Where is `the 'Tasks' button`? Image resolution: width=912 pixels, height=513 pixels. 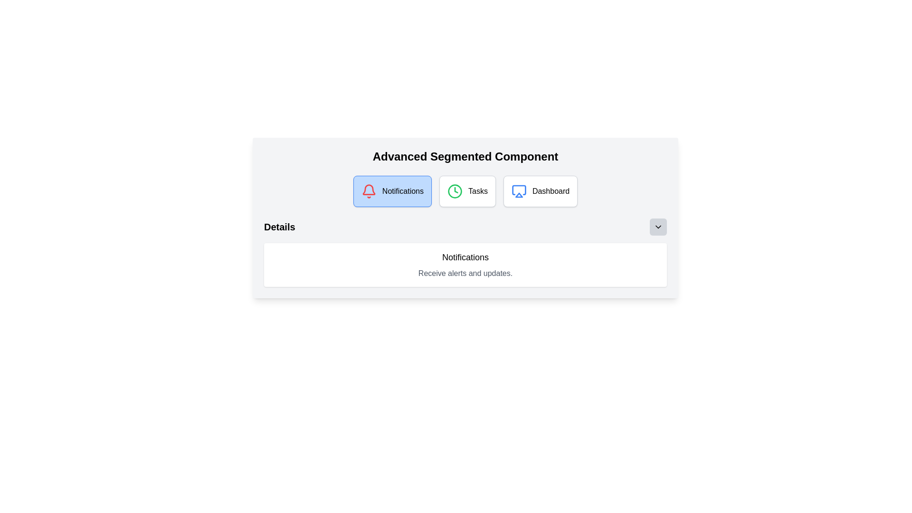 the 'Tasks' button is located at coordinates (467, 191).